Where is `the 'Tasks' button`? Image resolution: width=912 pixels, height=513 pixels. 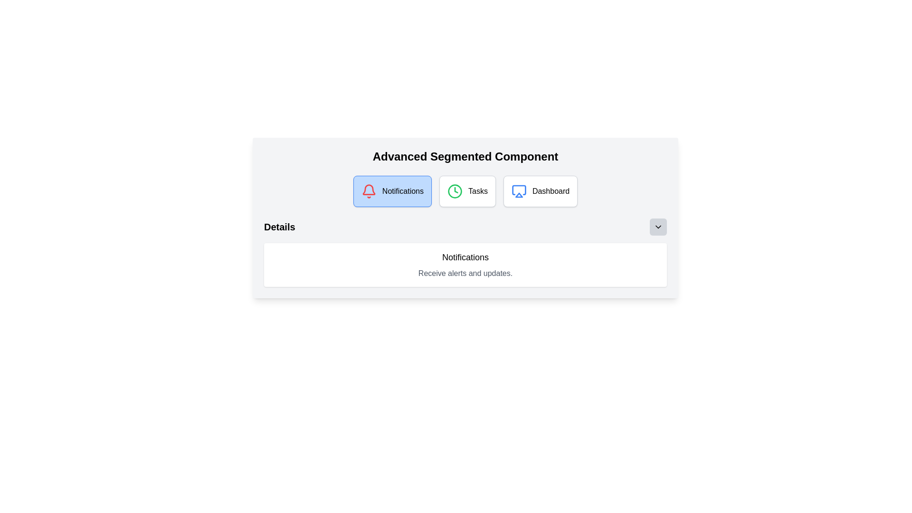 the 'Tasks' button is located at coordinates (467, 191).